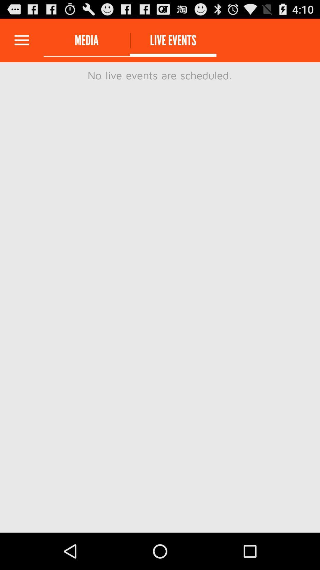 Image resolution: width=320 pixels, height=570 pixels. What do you see at coordinates (21, 40) in the screenshot?
I see `more options` at bounding box center [21, 40].